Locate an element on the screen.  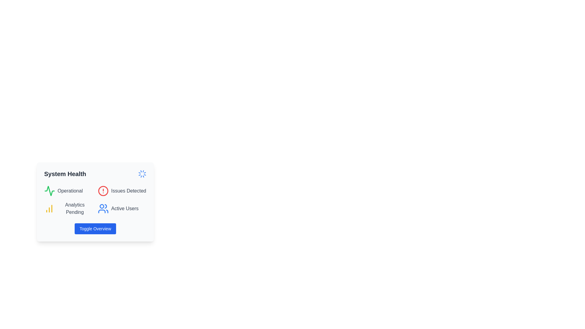
the 'Active Users' icon, which indicates the count of active users in the system, located in the bottom-right of the 'System Health' card is located at coordinates (103, 208).